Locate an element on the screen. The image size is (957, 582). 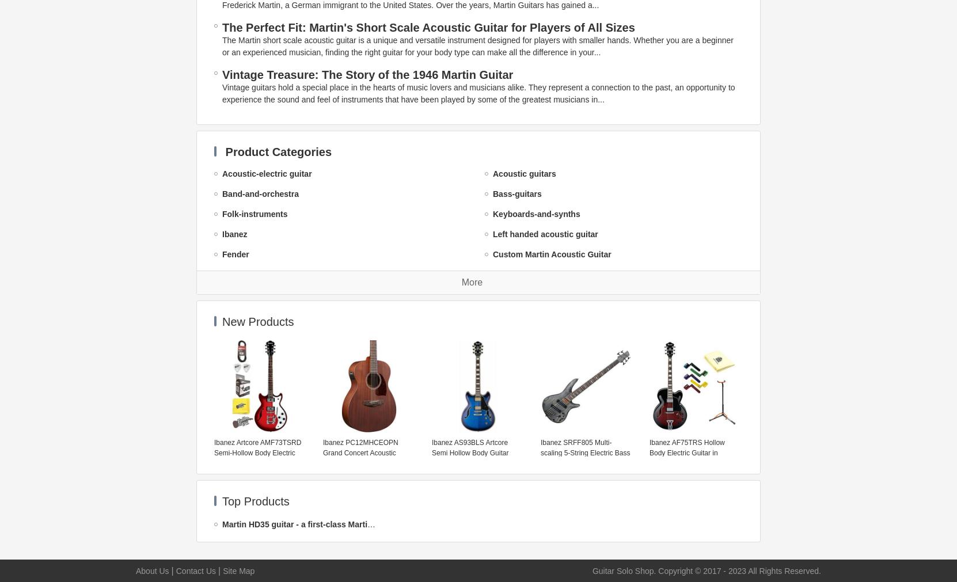
'Electro-Harmonix' is located at coordinates (492, 557).